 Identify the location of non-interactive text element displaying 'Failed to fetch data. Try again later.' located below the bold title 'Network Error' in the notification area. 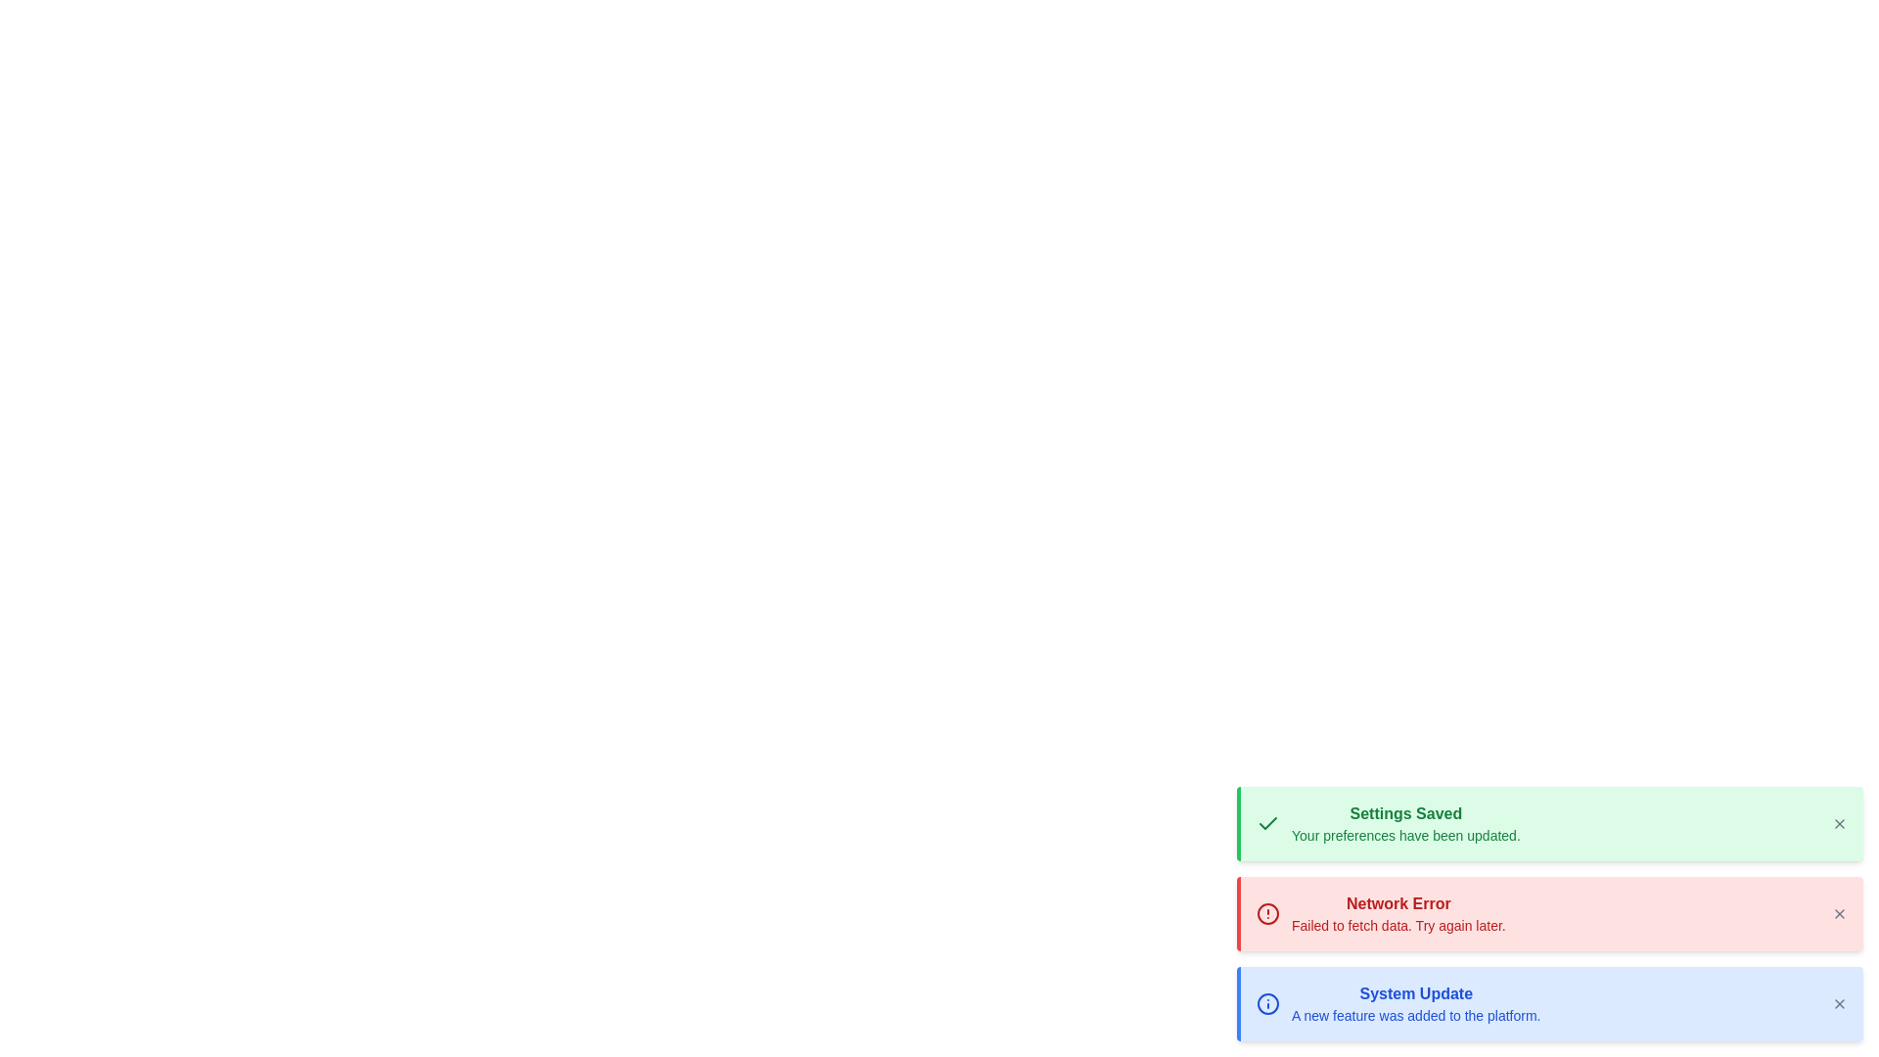
(1398, 925).